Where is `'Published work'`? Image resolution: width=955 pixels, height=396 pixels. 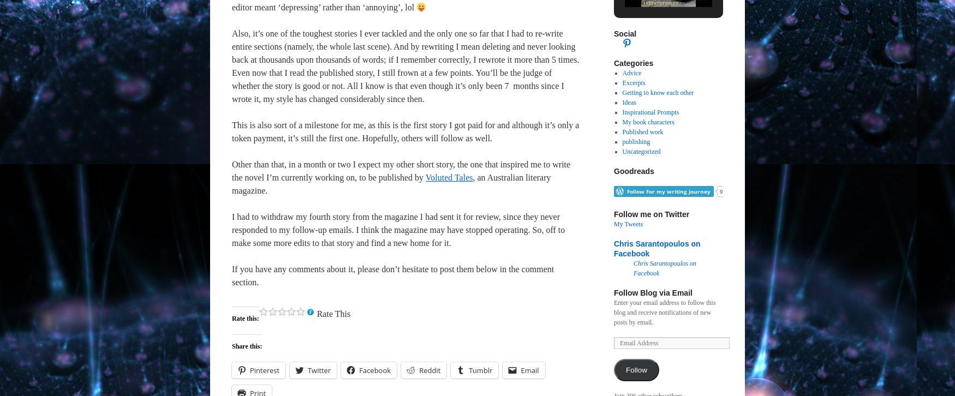 'Published work' is located at coordinates (642, 131).